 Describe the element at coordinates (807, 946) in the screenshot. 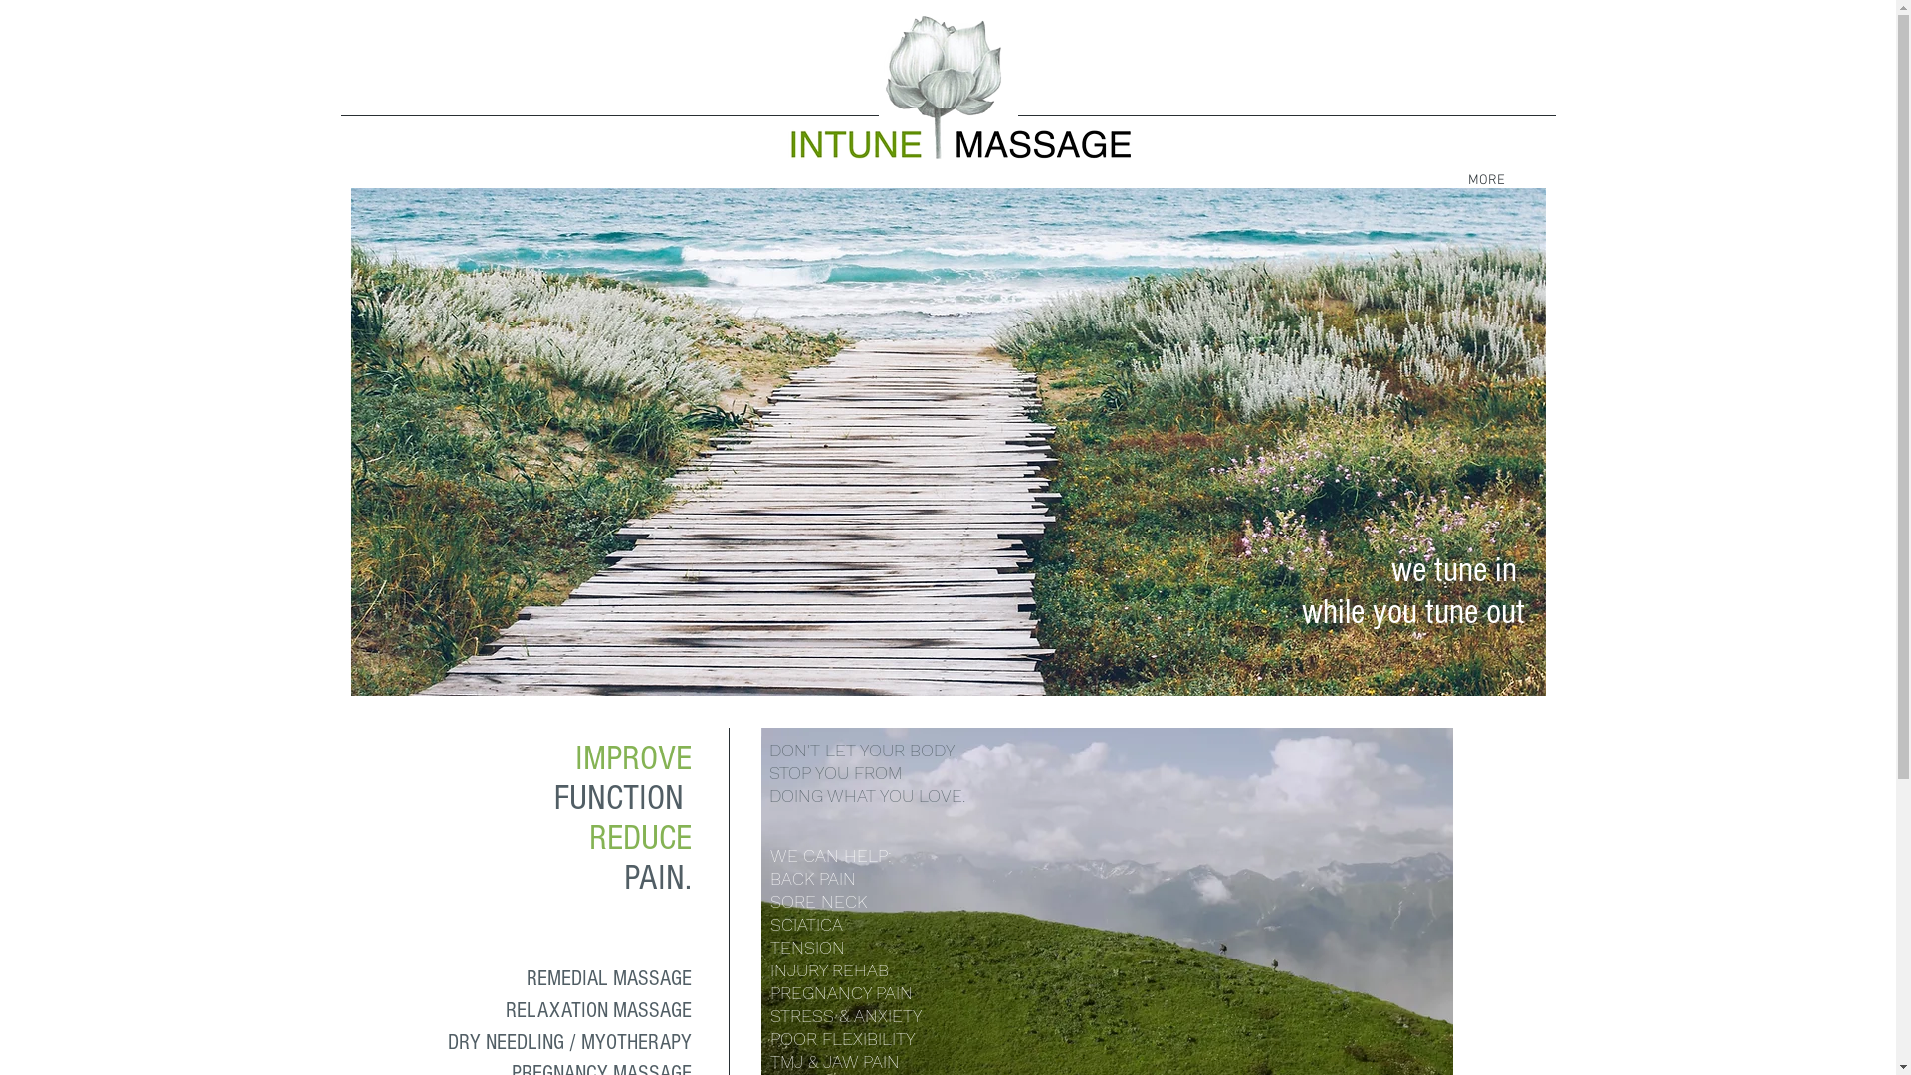

I see `'TENSION'` at that location.